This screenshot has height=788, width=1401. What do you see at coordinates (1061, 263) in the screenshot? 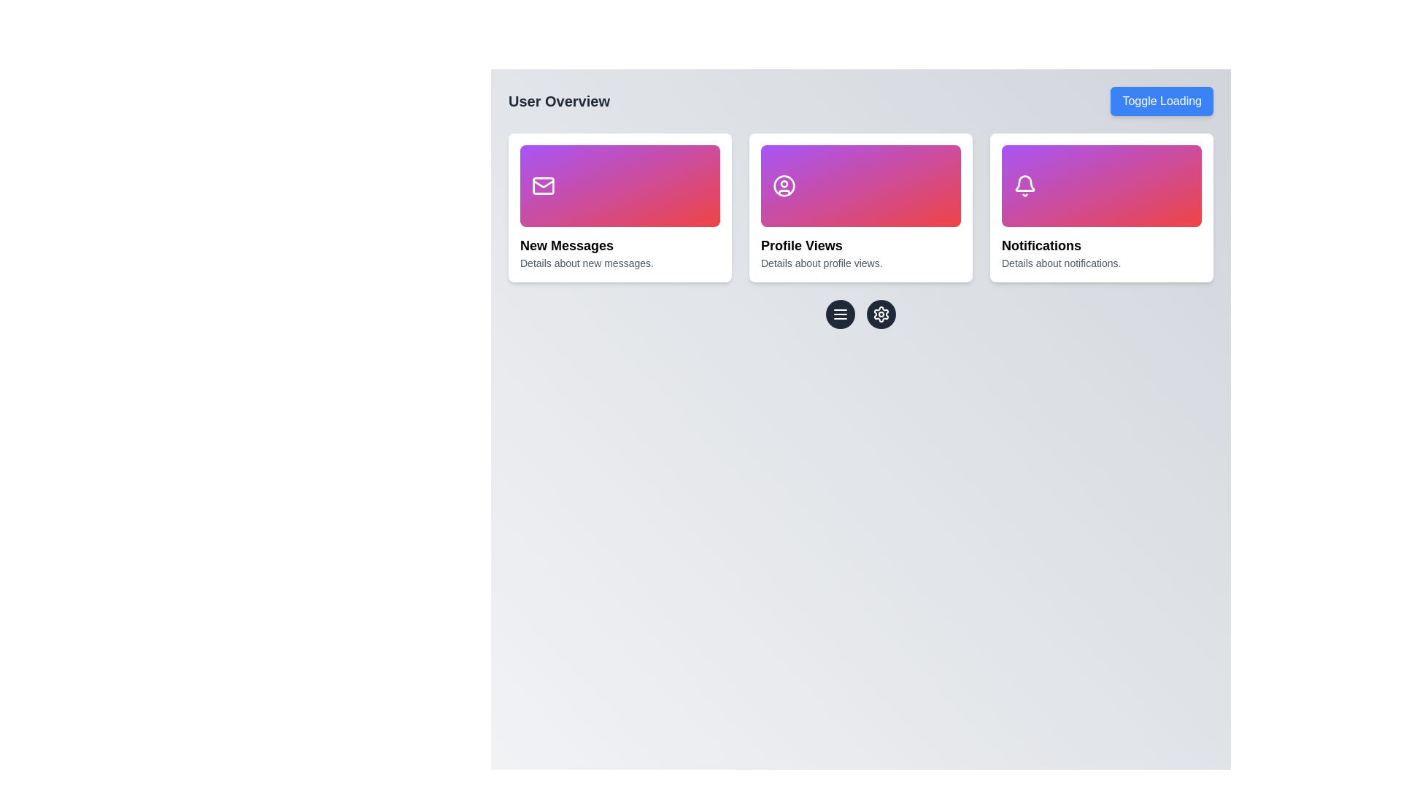
I see `the text label displaying 'Details about notifications.' which is styled in a small-sized gray font and located below the title 'Notifications' within the rightmost card component` at bounding box center [1061, 263].